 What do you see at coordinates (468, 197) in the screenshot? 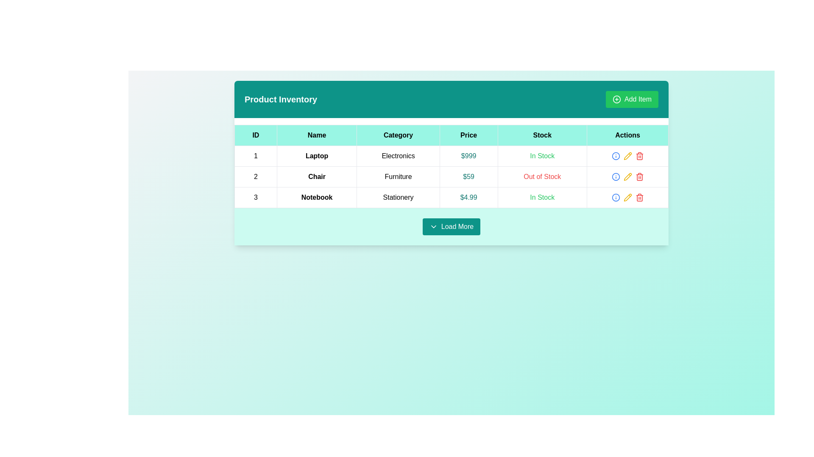
I see `the price label displaying '$4.99' in teal color, located in the fourth column of the third row of the product inventory table under the 'Price' header, associated with the 'Notebook' product` at bounding box center [468, 197].